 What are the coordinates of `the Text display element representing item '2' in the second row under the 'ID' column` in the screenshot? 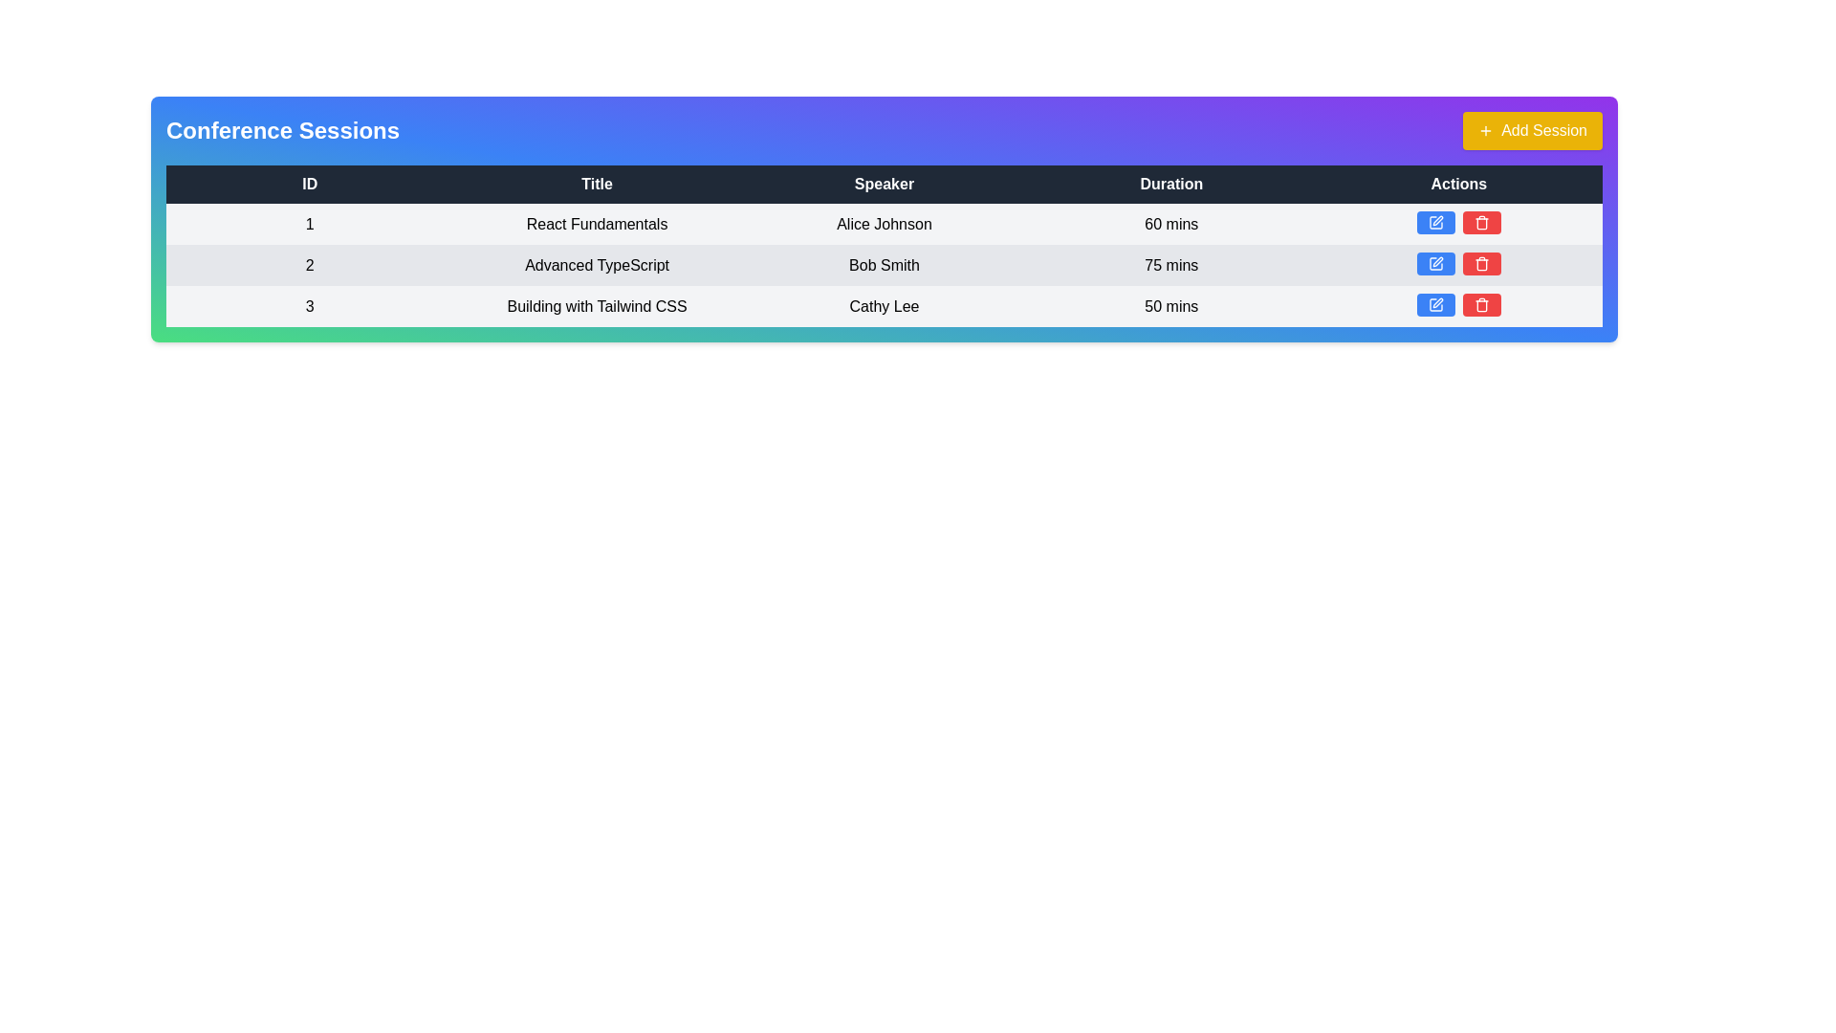 It's located at (310, 265).